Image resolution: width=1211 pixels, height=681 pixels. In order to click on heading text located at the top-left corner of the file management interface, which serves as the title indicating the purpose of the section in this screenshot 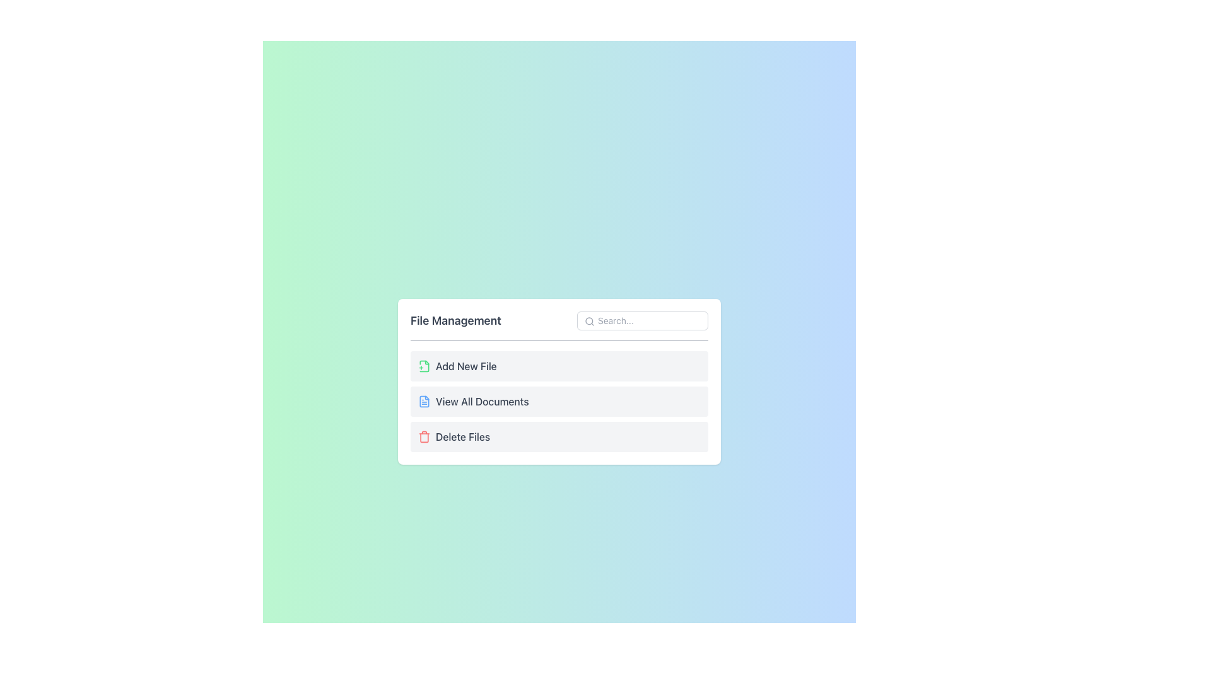, I will do `click(455, 320)`.